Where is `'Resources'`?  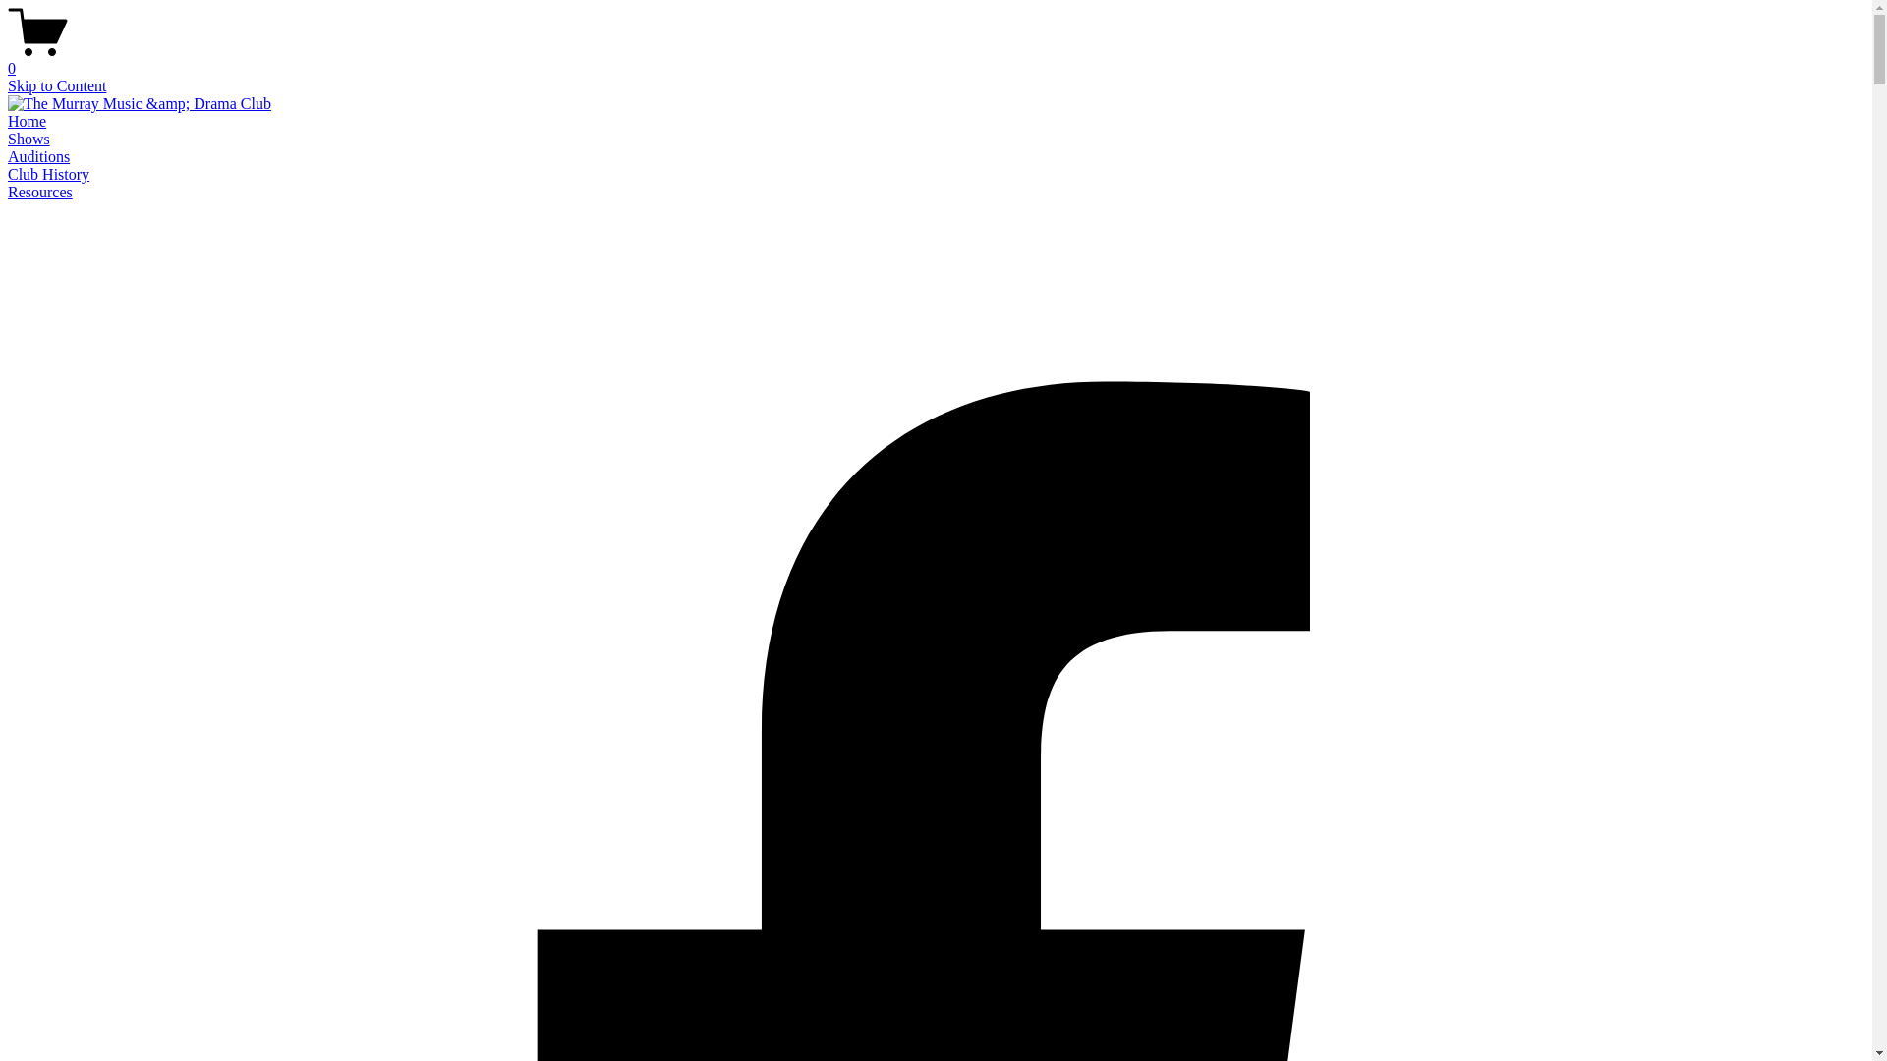 'Resources' is located at coordinates (40, 192).